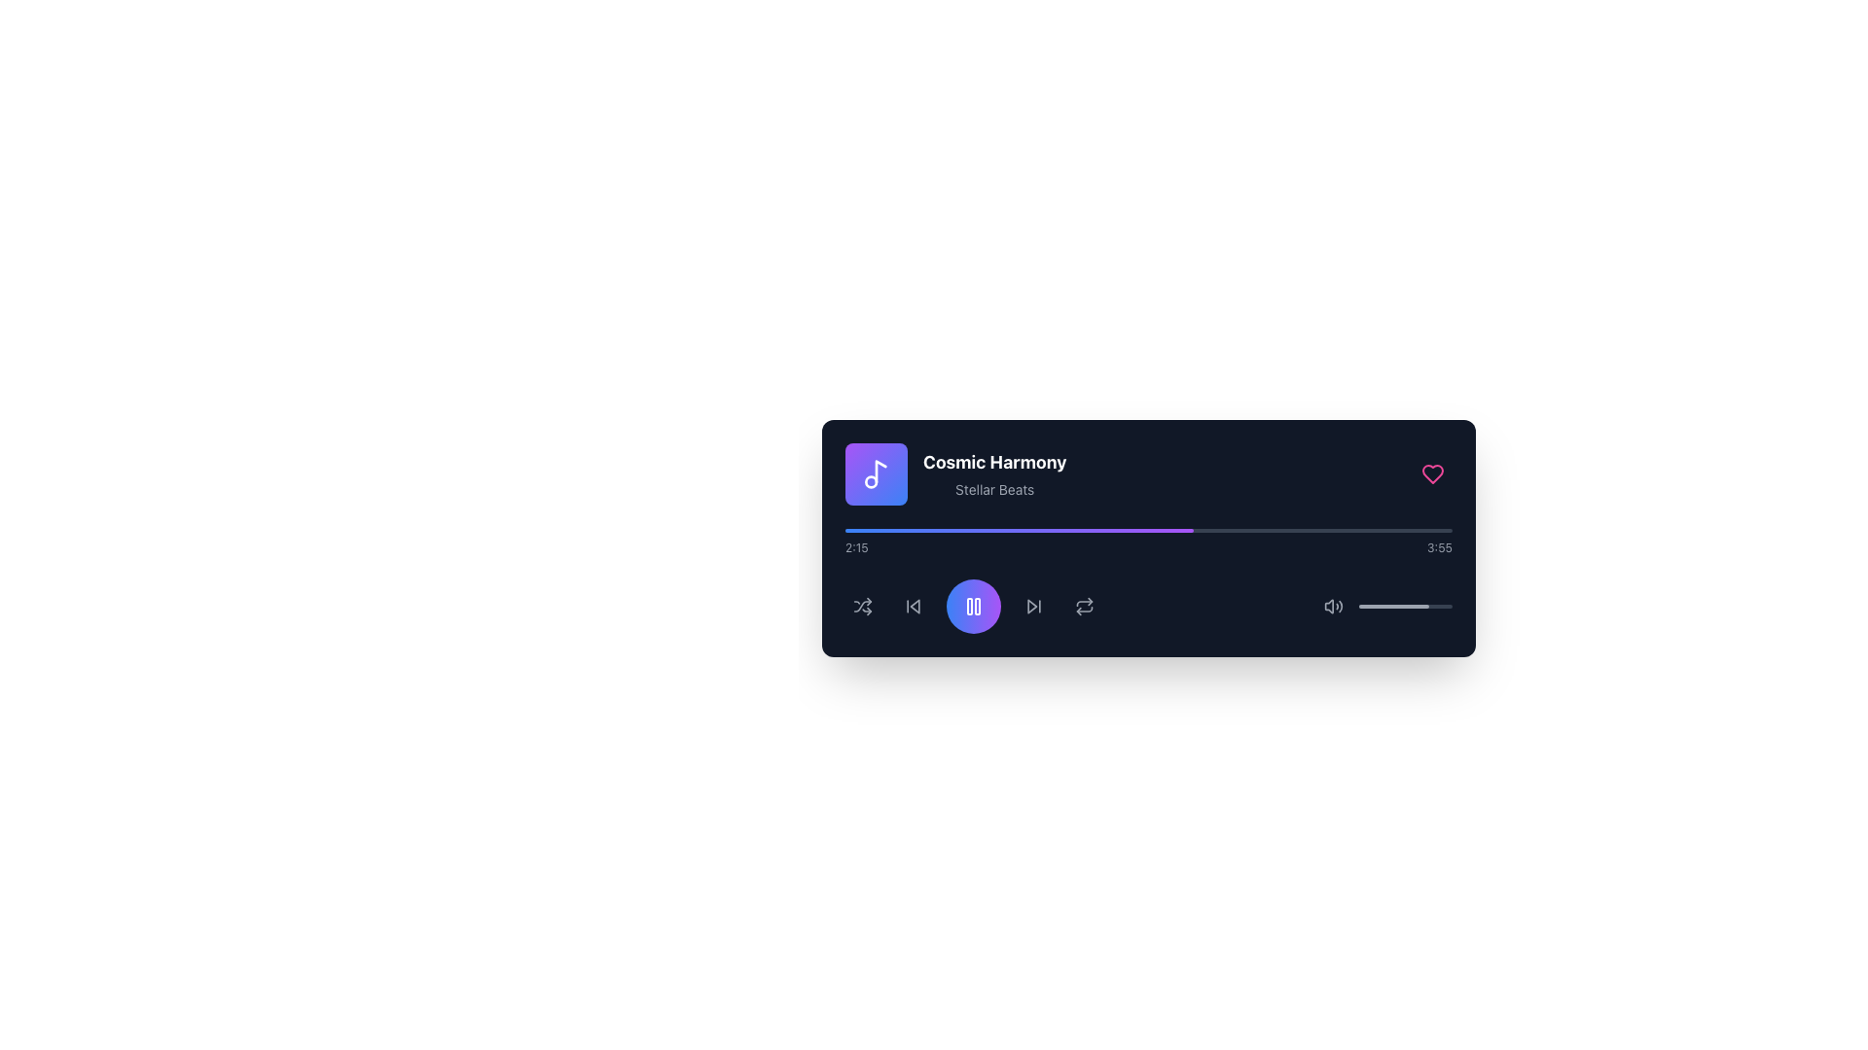 This screenshot has height=1050, width=1868. Describe the element at coordinates (1148, 531) in the screenshot. I see `the progress bar located centrally above the playback control buttons` at that location.